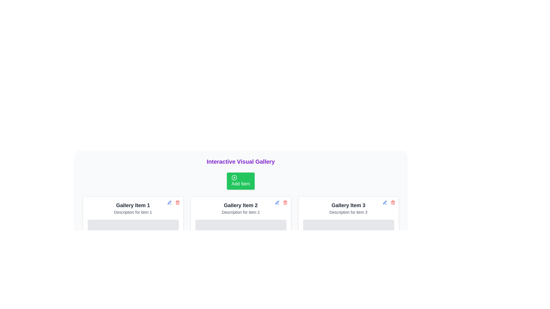 This screenshot has height=309, width=550. Describe the element at coordinates (241, 205) in the screenshot. I see `the text element reading 'Gallery Item 2', which is styled in bold and large dark gray font, and serves as the title of the second gallery item` at that location.